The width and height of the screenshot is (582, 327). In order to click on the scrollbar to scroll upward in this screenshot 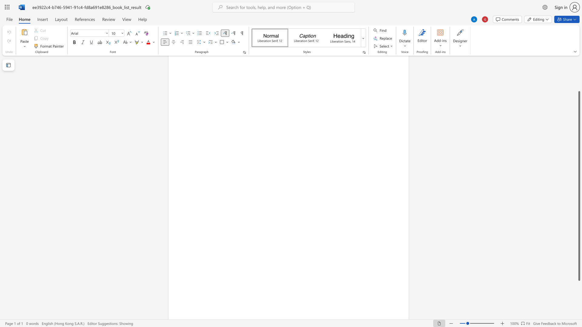, I will do `click(579, 75)`.